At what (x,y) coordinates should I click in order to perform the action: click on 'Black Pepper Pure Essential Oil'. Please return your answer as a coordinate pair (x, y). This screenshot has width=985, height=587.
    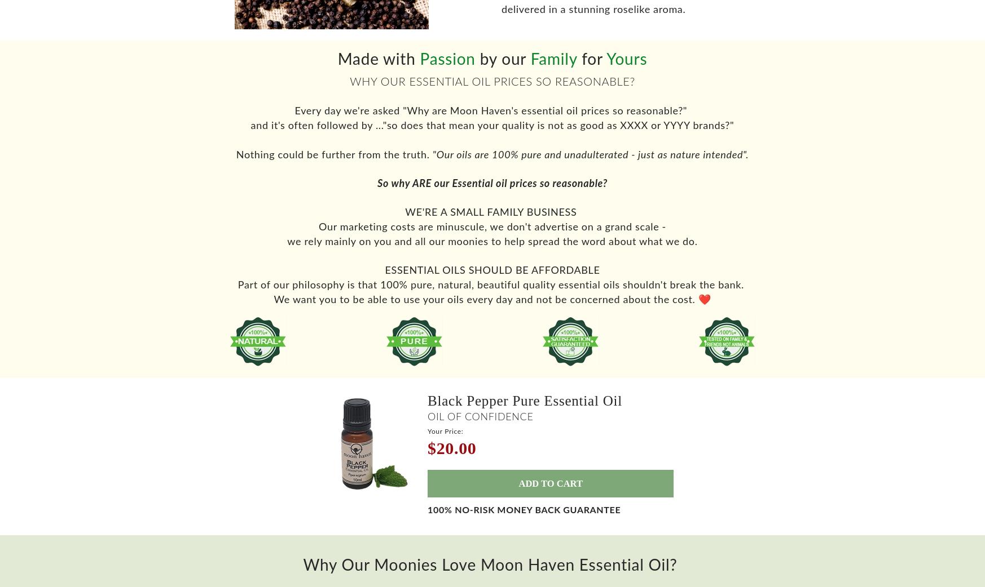
    Looking at the image, I should click on (524, 406).